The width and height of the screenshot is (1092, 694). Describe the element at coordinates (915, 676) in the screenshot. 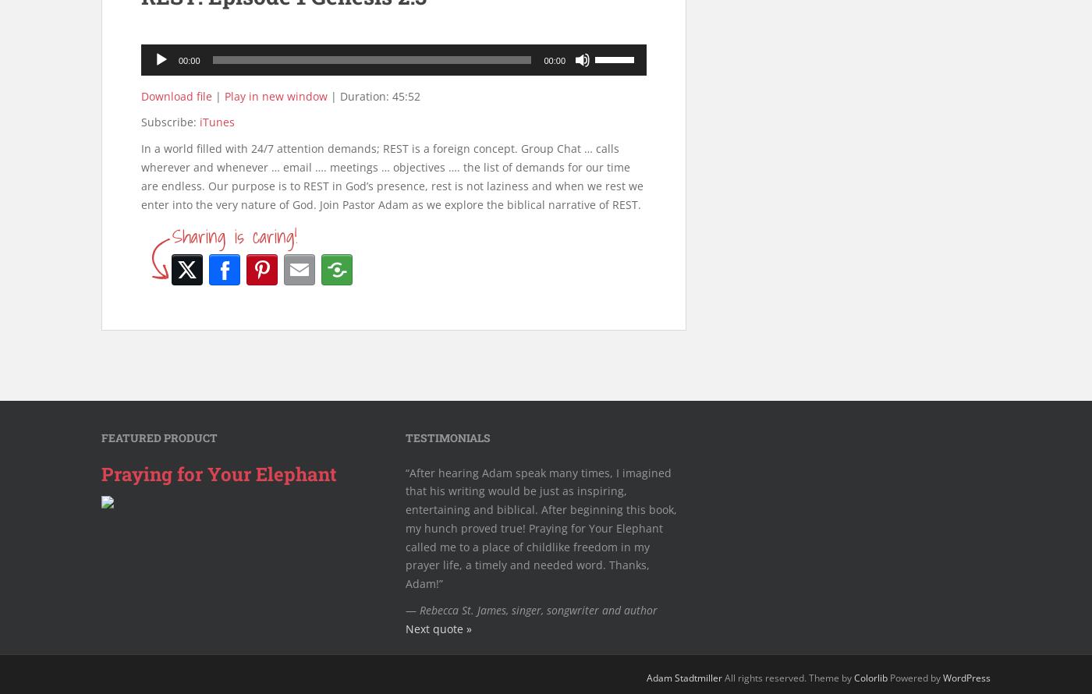

I see `'Powered by'` at that location.